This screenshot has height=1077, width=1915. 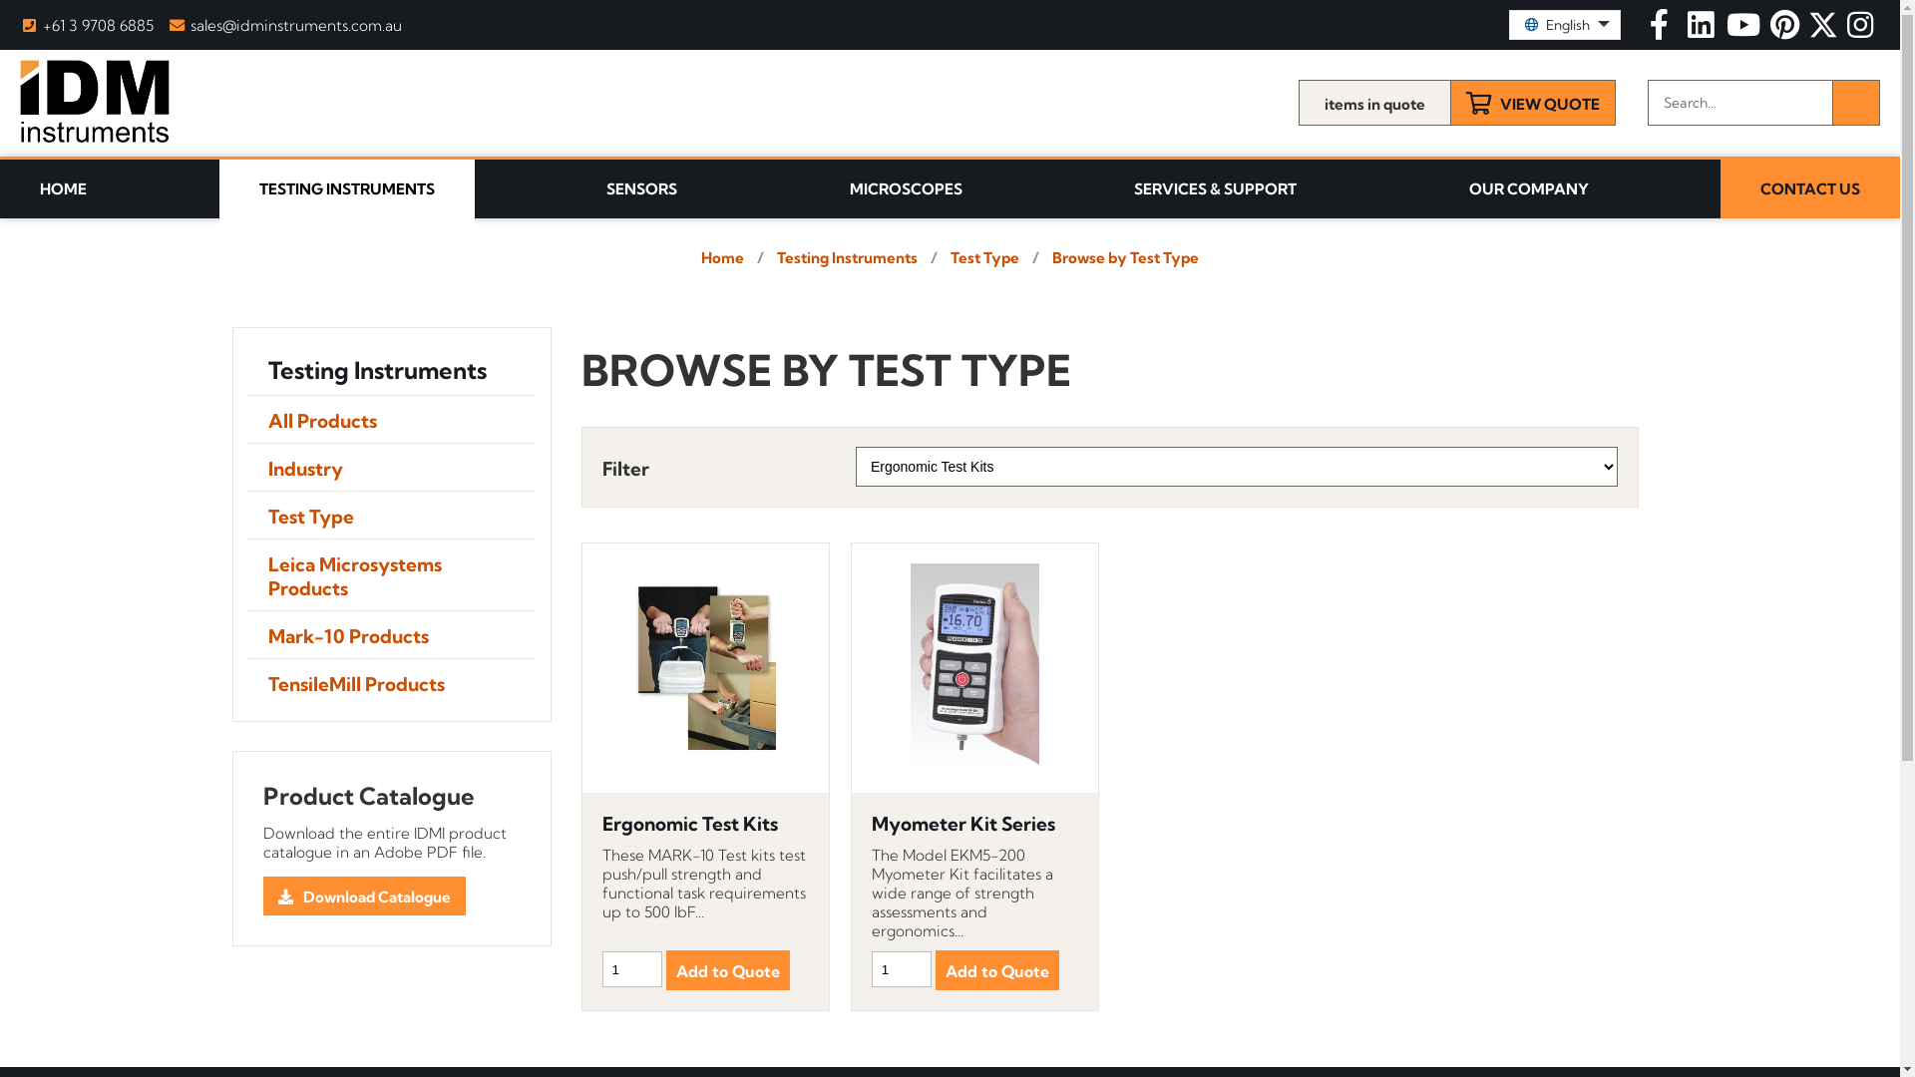 What do you see at coordinates (705, 824) in the screenshot?
I see `'Ergonomic Test Kits'` at bounding box center [705, 824].